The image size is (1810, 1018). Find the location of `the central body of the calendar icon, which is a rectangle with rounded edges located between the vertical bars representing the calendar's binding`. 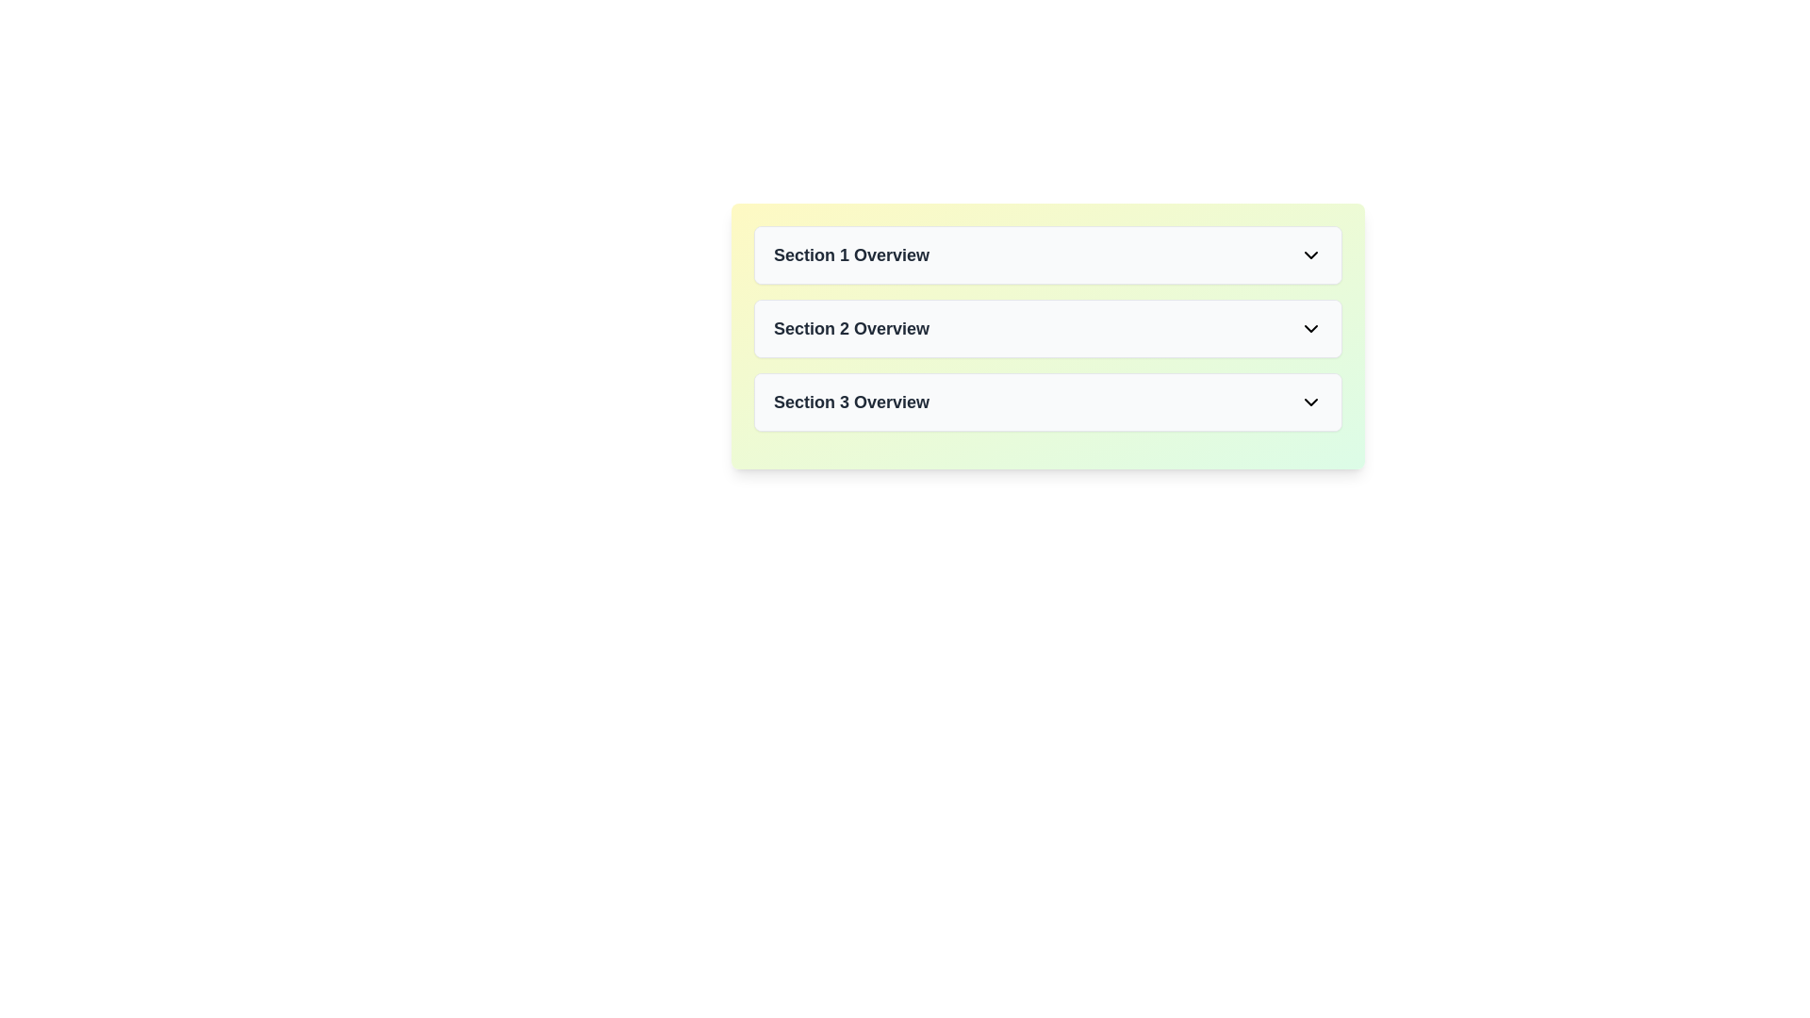

the central body of the calendar icon, which is a rectangle with rounded edges located between the vertical bars representing the calendar's binding is located at coordinates (765, 370).